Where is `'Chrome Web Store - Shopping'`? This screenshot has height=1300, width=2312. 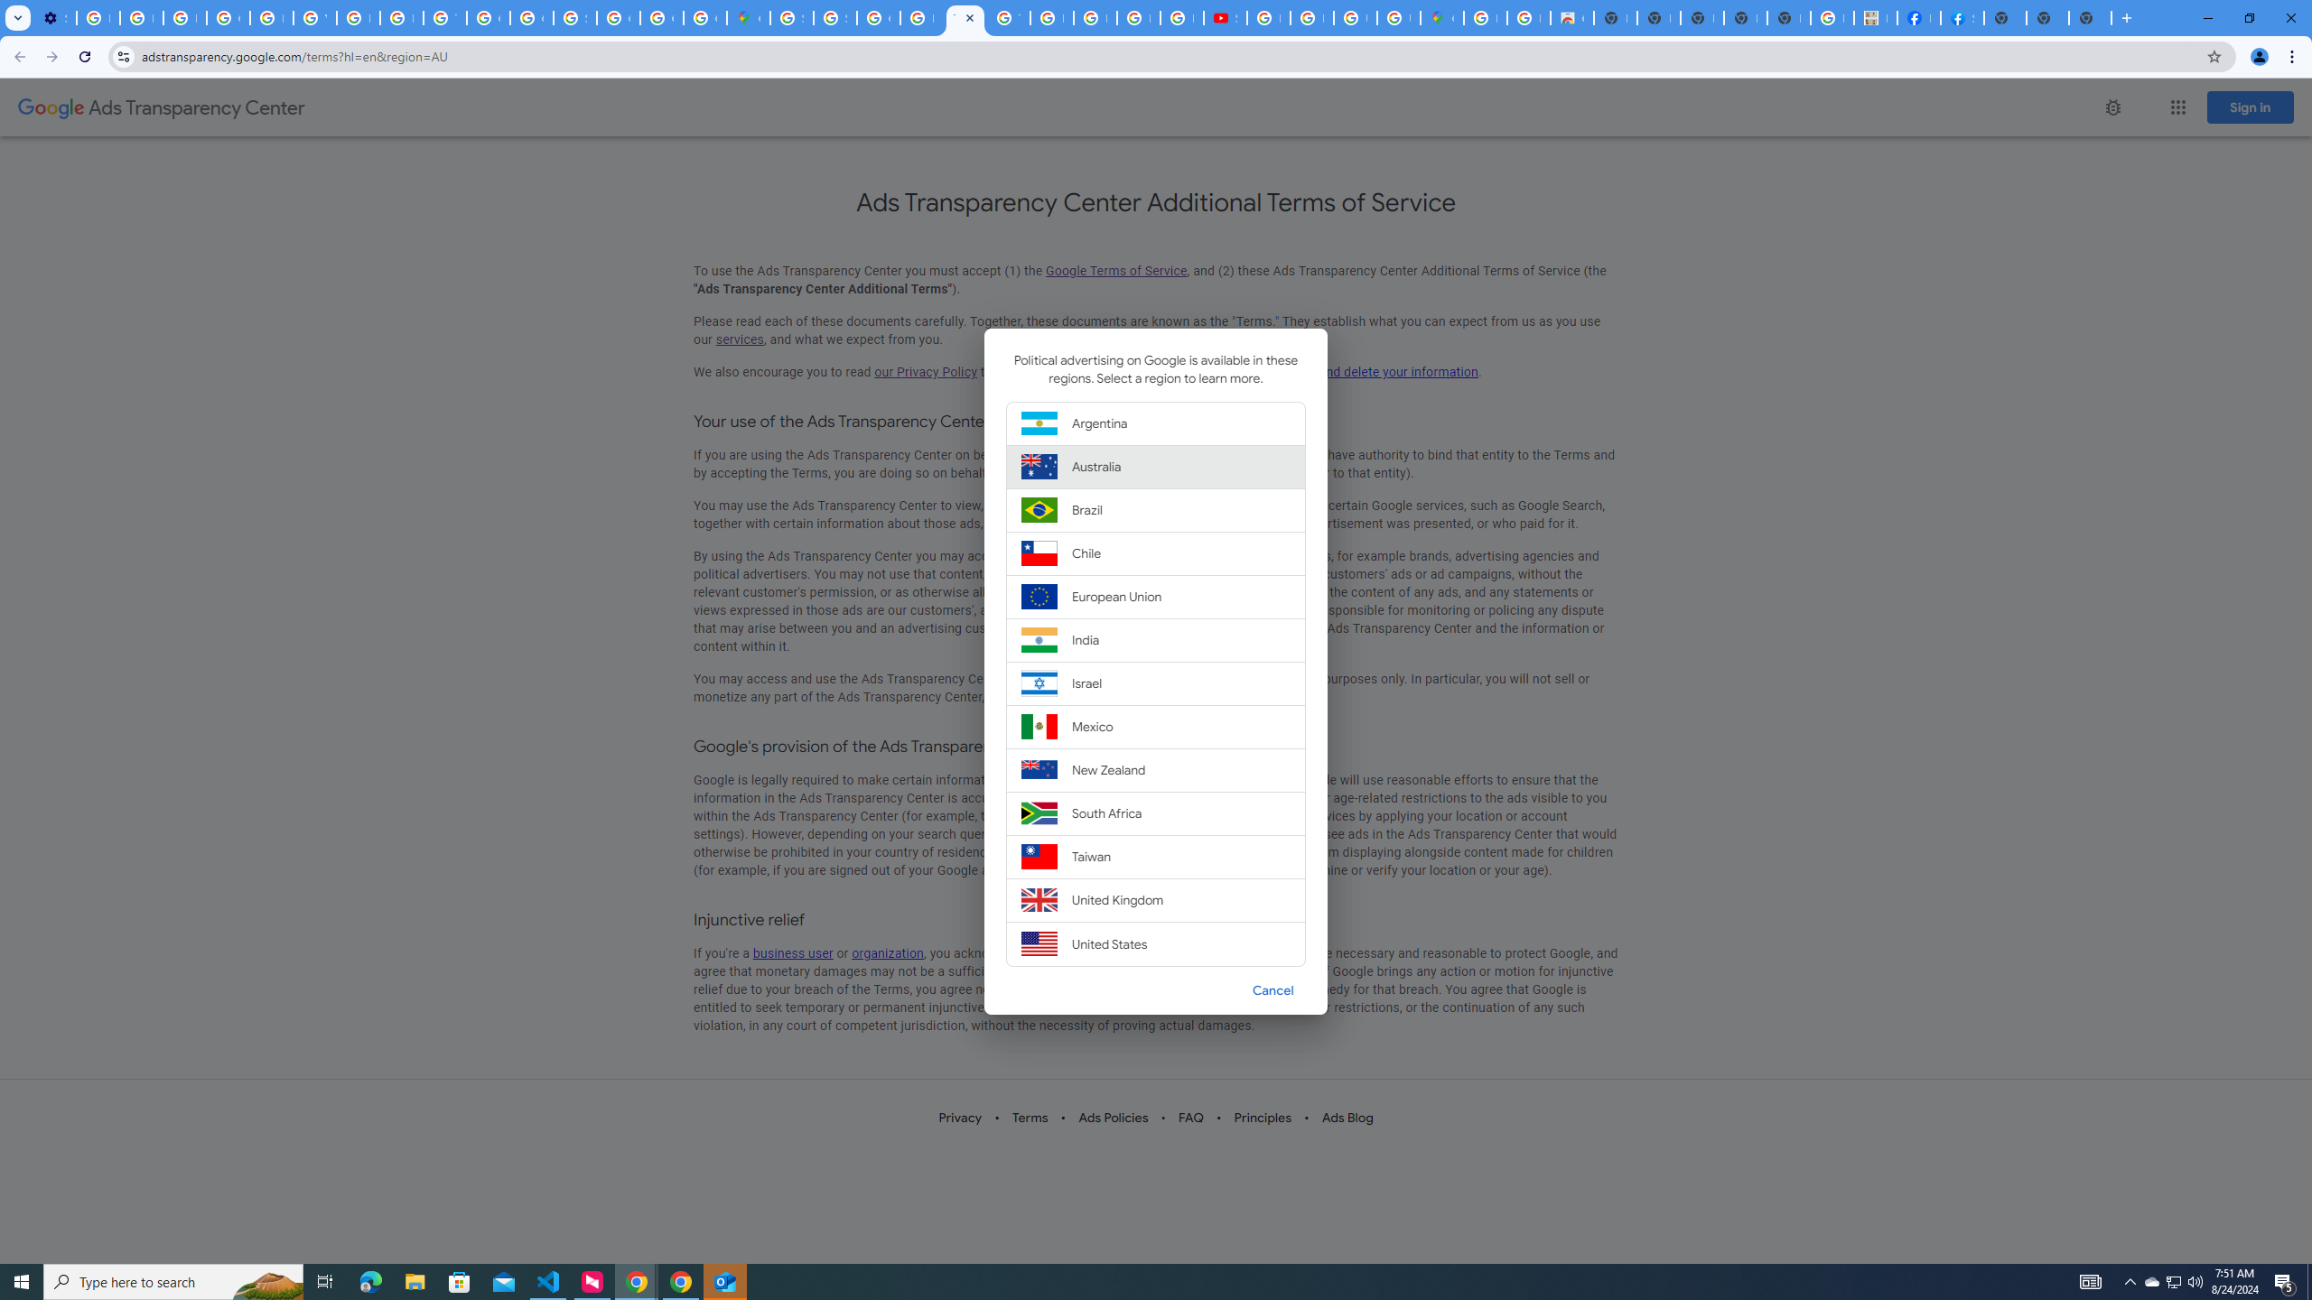
'Chrome Web Store - Shopping' is located at coordinates (1571, 17).